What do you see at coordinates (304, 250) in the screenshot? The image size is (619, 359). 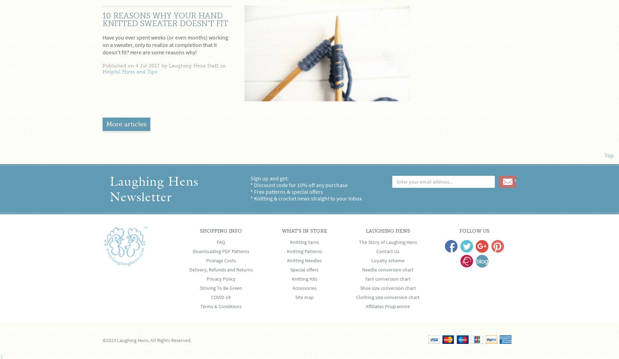 I see `'Knitting Patterns'` at bounding box center [304, 250].